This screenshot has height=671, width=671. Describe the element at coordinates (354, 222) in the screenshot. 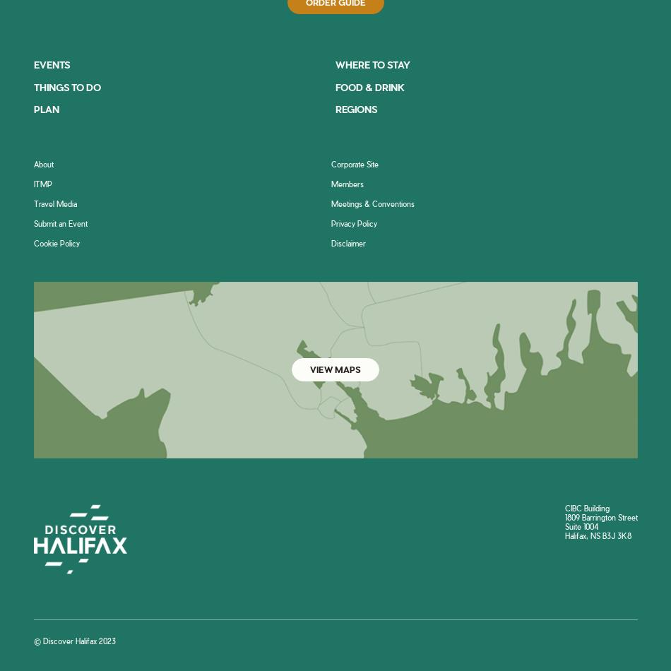

I see `'Privacy Policy'` at that location.